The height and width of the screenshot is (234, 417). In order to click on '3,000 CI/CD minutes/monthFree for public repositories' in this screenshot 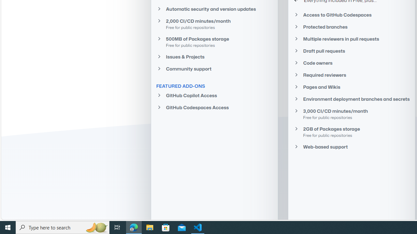, I will do `click(351, 113)`.